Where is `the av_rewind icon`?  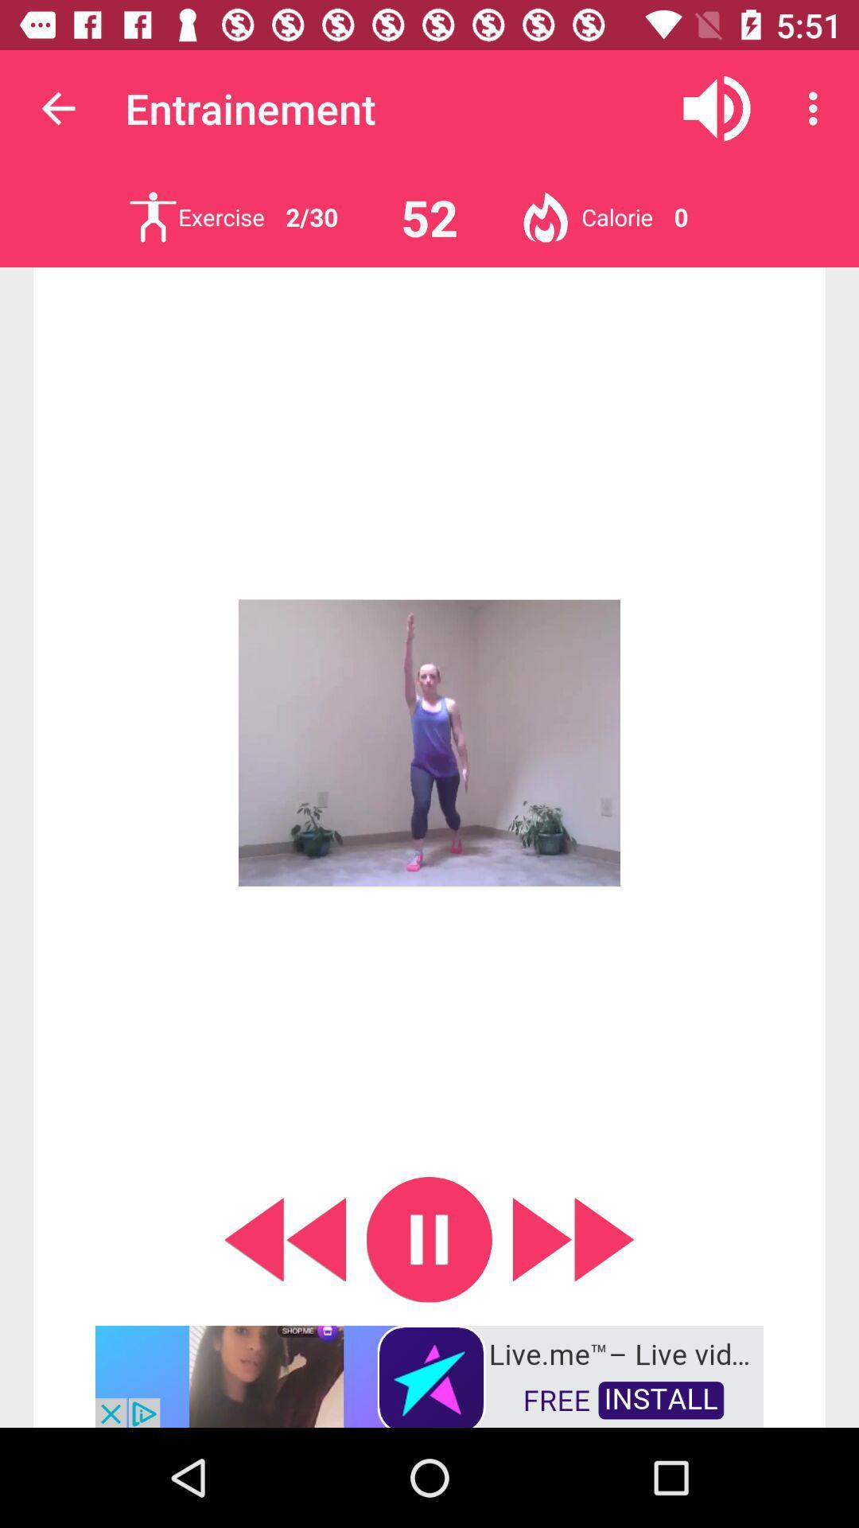 the av_rewind icon is located at coordinates (284, 1238).